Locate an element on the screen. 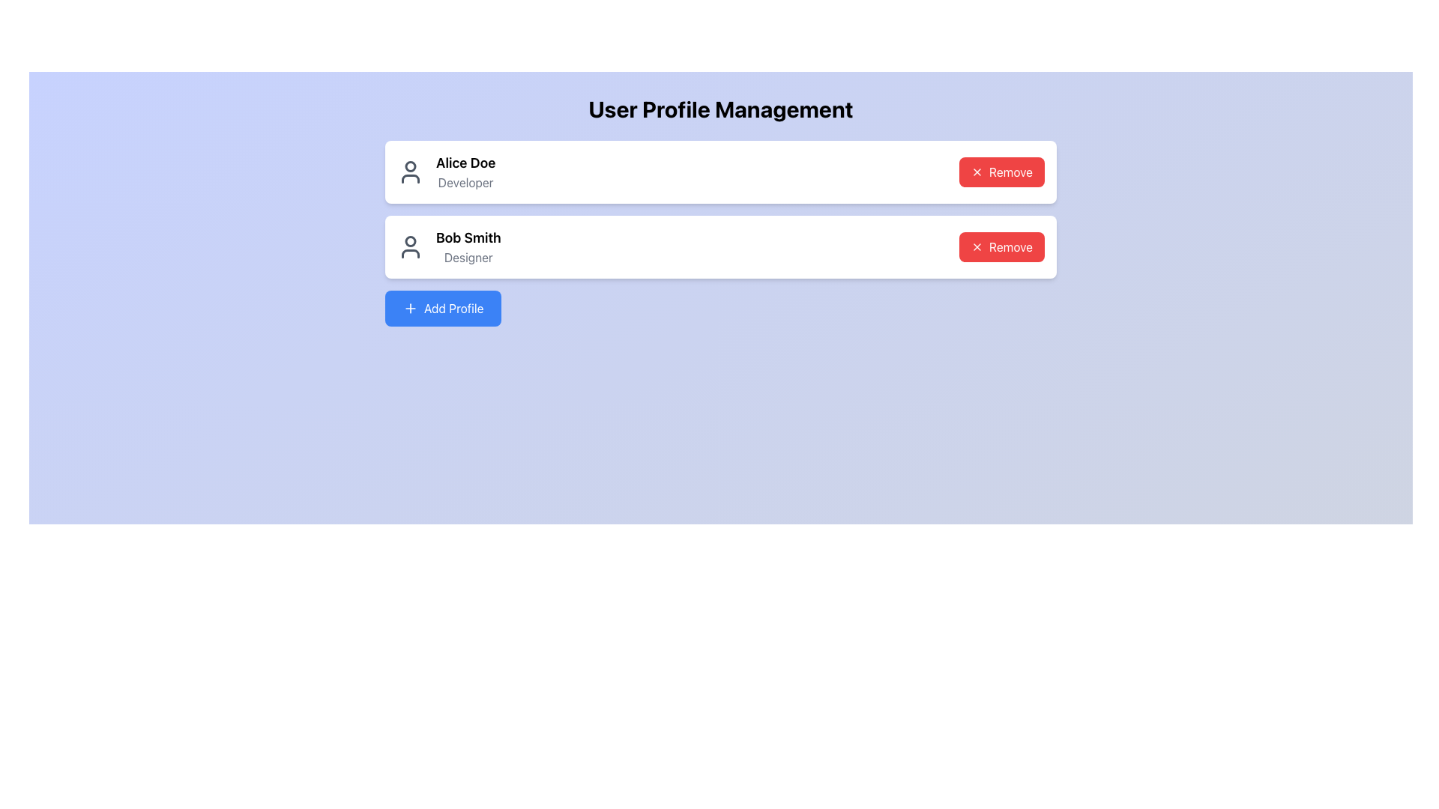 This screenshot has width=1439, height=809. the blue button labeled 'Add Profile' with a plus icon, located below the profile containers for keyboard interaction is located at coordinates (442, 308).